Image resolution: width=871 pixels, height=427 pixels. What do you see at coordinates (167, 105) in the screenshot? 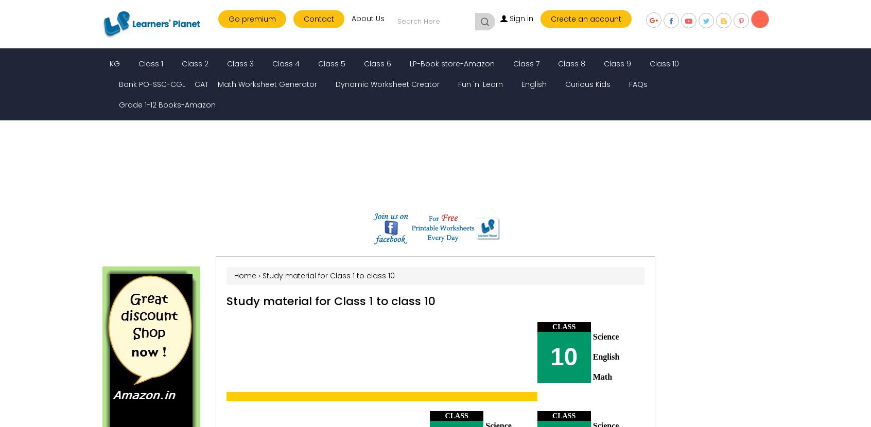
I see `'Grade 1-12 Books-Amazon'` at bounding box center [167, 105].